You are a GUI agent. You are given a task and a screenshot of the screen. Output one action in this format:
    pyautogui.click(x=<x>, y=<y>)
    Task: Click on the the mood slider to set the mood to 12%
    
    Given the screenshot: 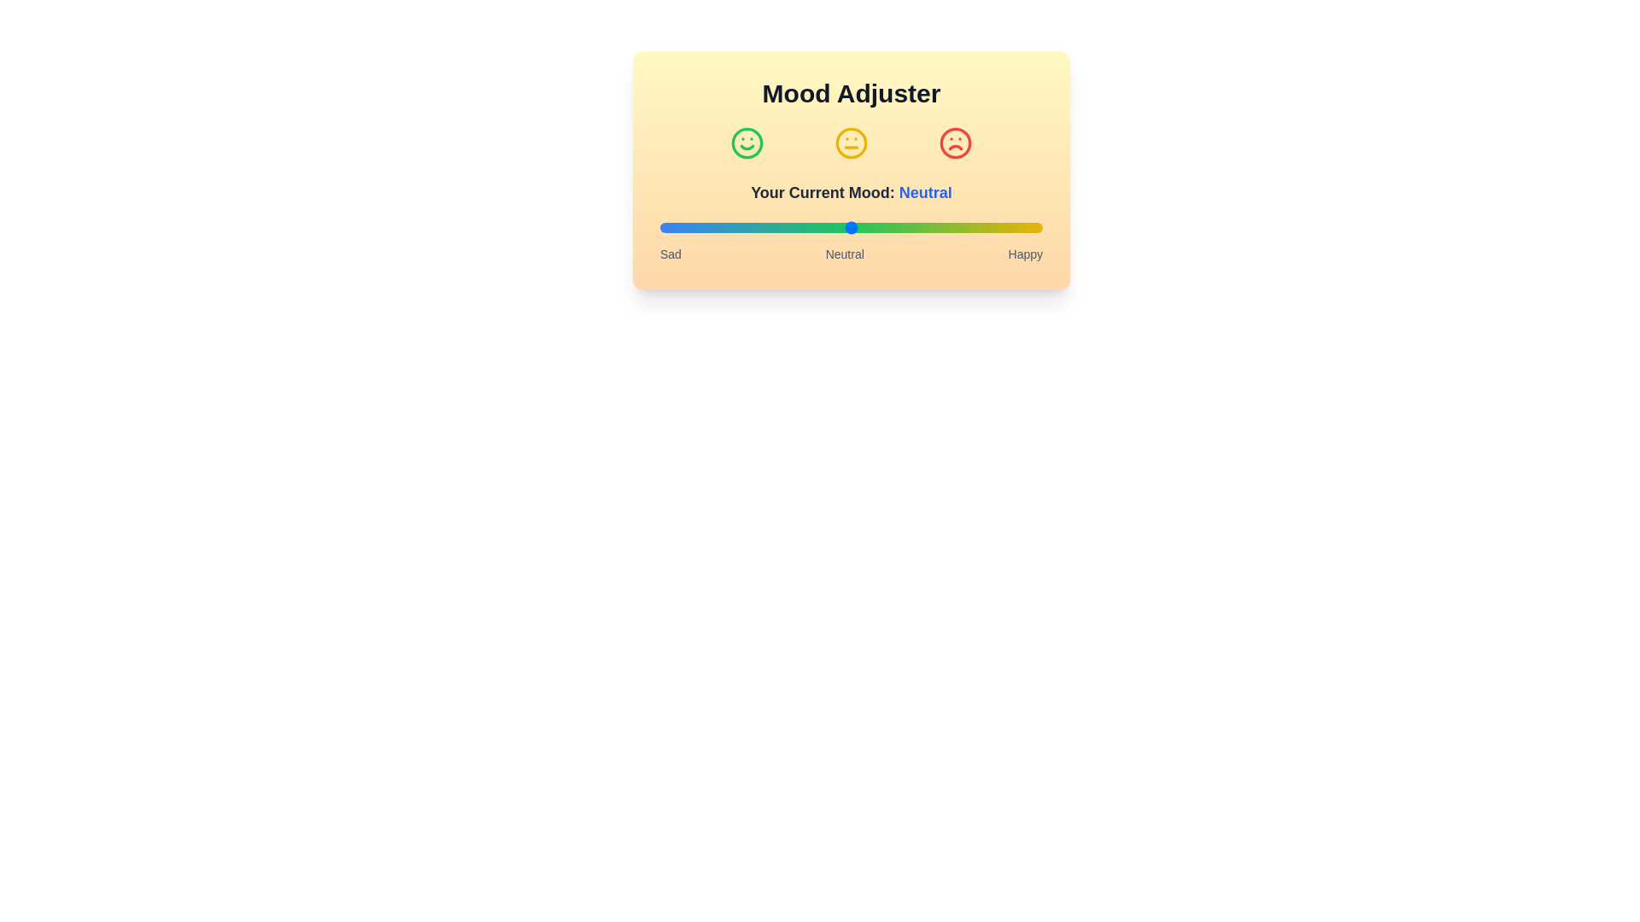 What is the action you would take?
    pyautogui.click(x=706, y=226)
    